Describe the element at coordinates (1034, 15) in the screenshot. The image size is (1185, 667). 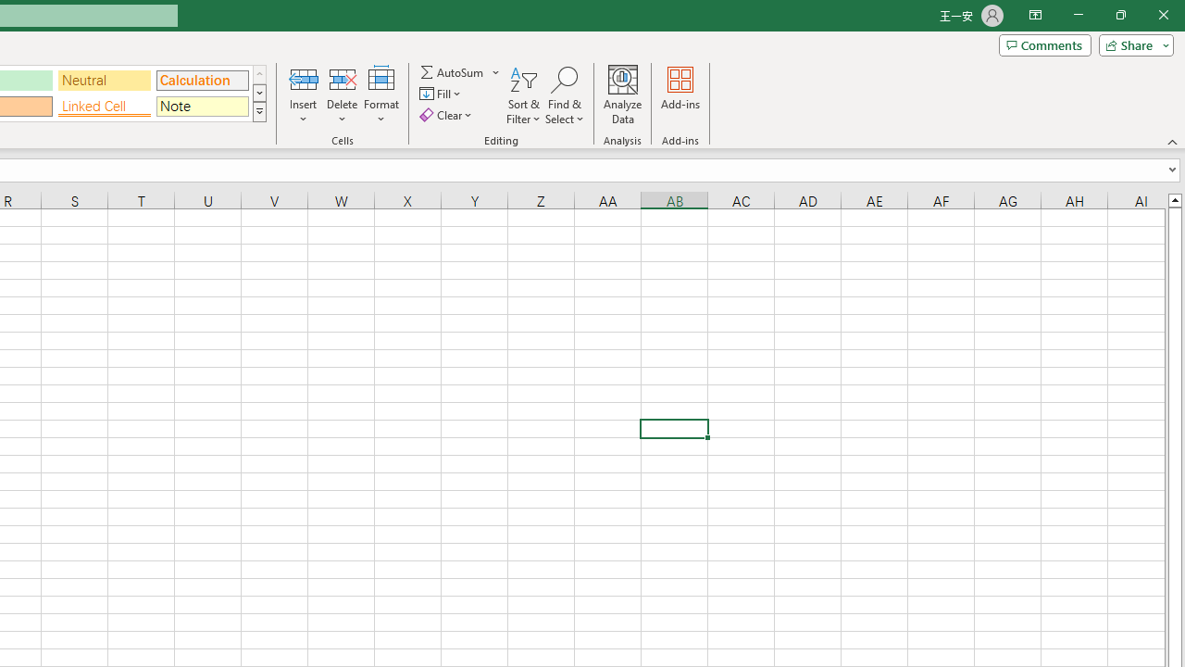
I see `'Ribbon Display Options'` at that location.